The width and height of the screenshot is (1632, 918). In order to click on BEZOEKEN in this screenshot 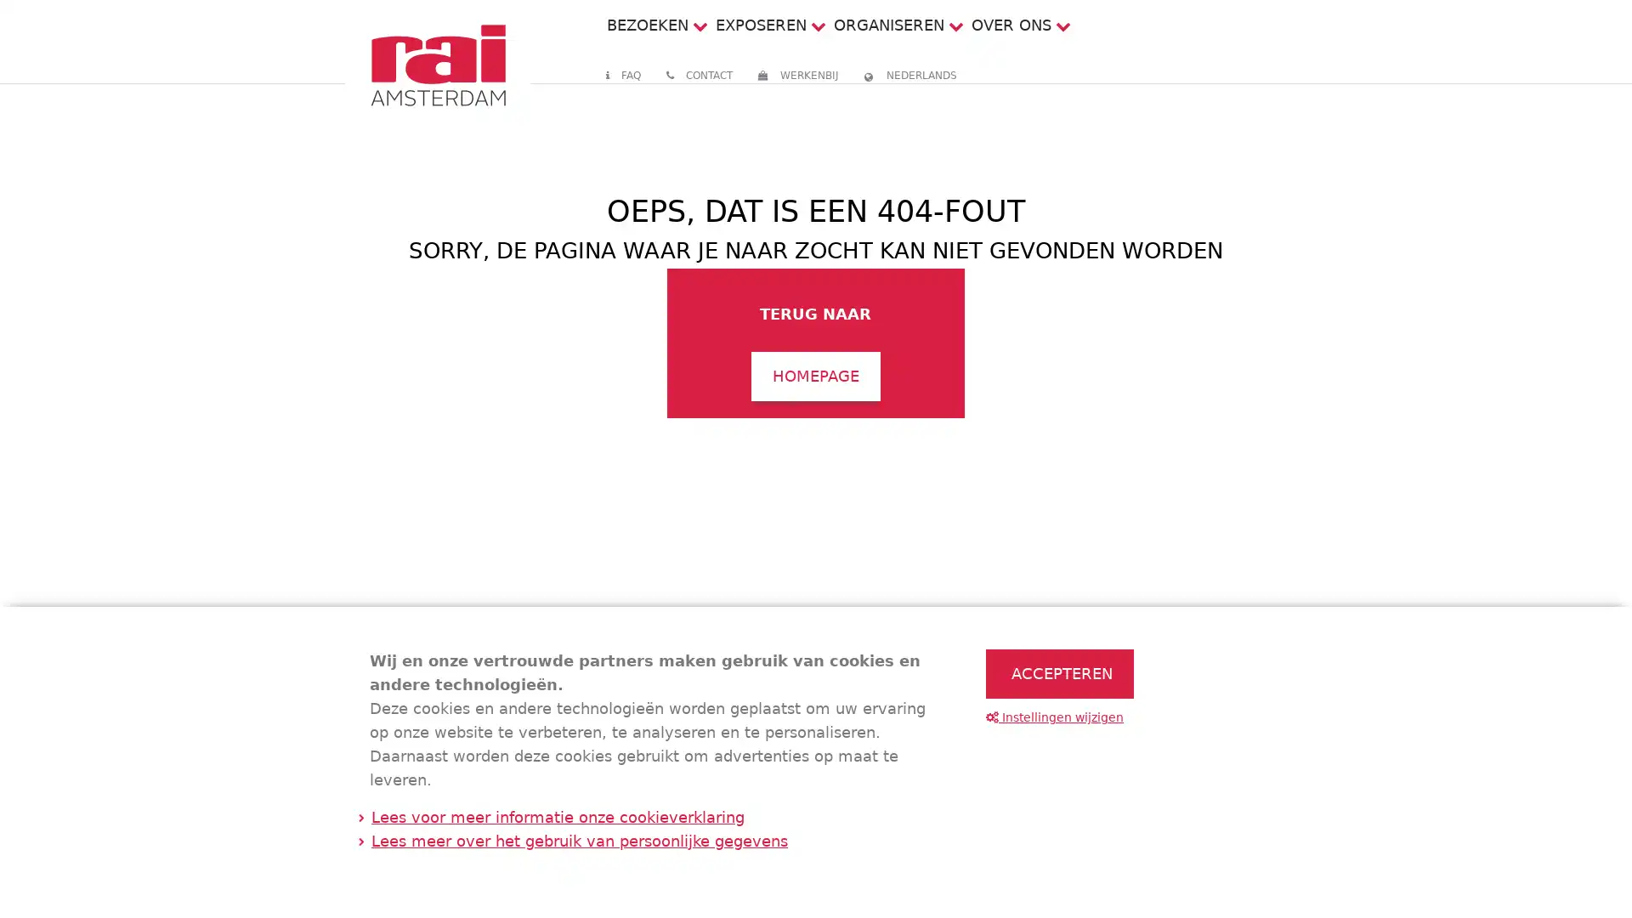, I will do `click(646, 25)`.